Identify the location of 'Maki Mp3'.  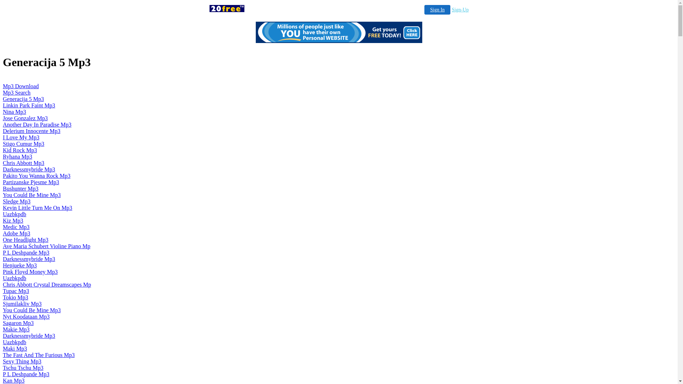
(15, 348).